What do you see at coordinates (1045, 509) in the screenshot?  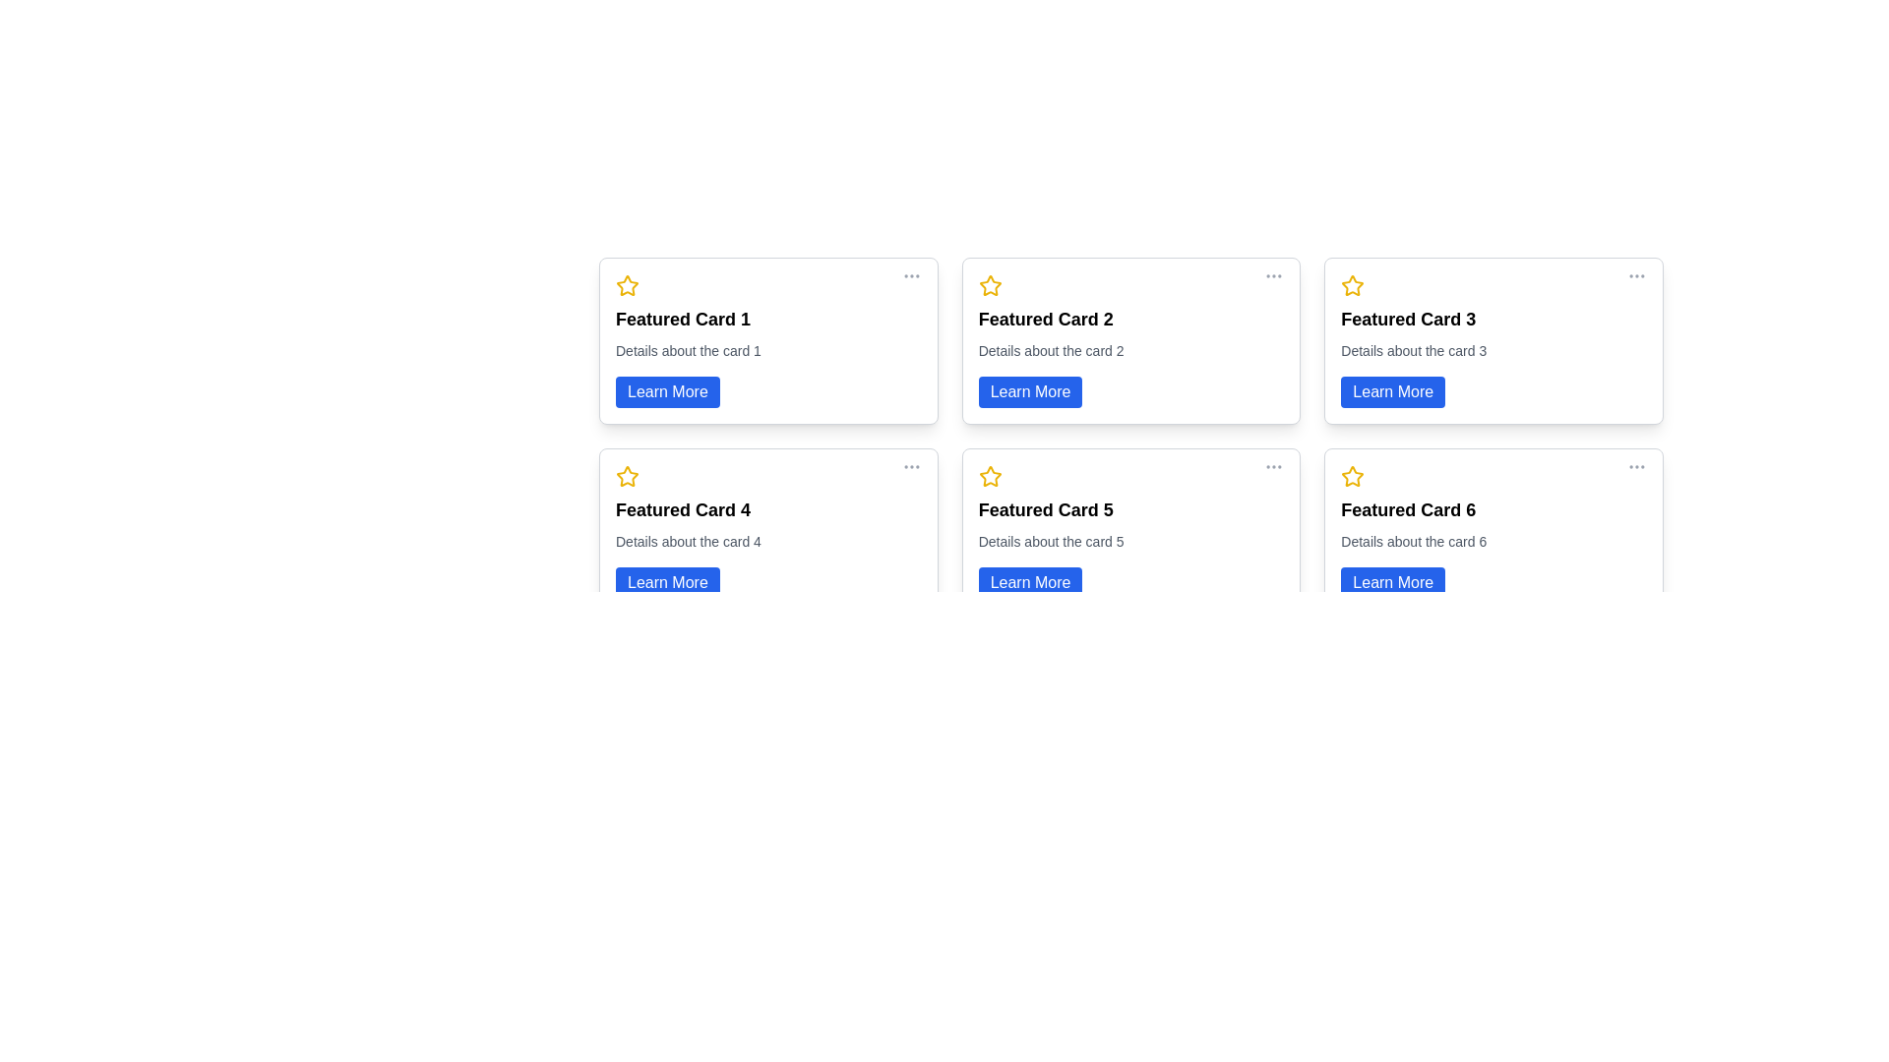 I see `the 'Featured Card 5' text label, which is styled with a bold font and larger size, positioned centrally within the fifth card layout, directly below a yellow star icon` at bounding box center [1045, 509].